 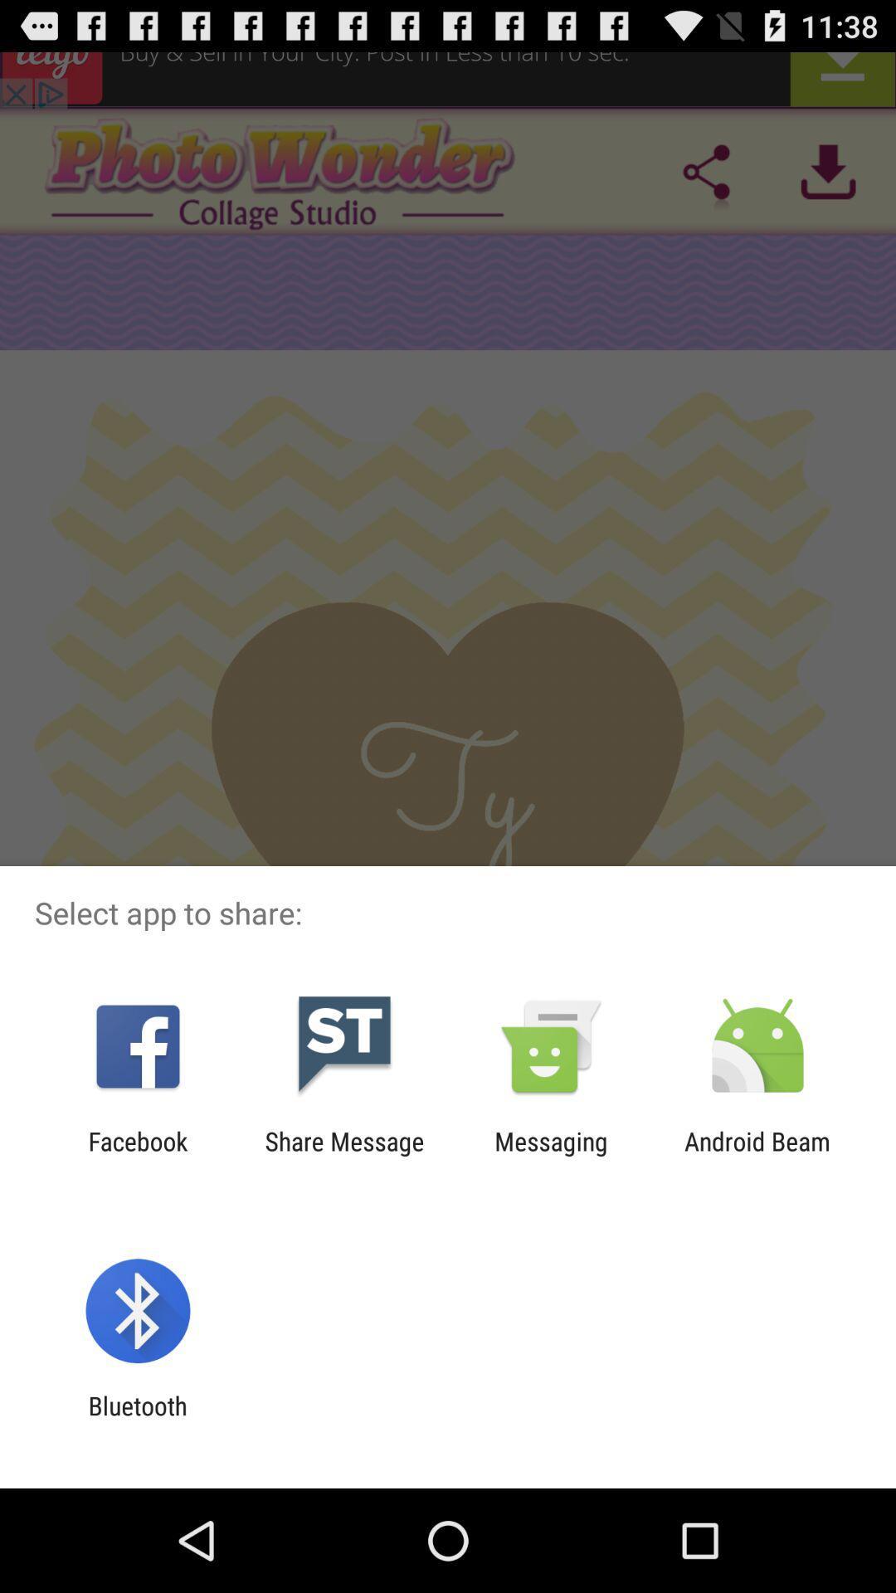 What do you see at coordinates (551, 1155) in the screenshot?
I see `app next to the share message app` at bounding box center [551, 1155].